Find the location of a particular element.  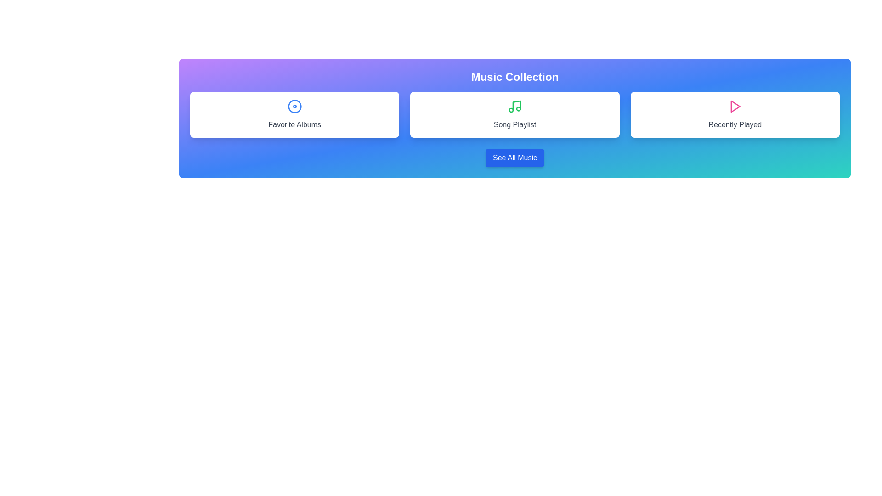

the information presented by the white rectangular card labeled 'Favorite Albums', which features a disc icon at the top center is located at coordinates (294, 114).